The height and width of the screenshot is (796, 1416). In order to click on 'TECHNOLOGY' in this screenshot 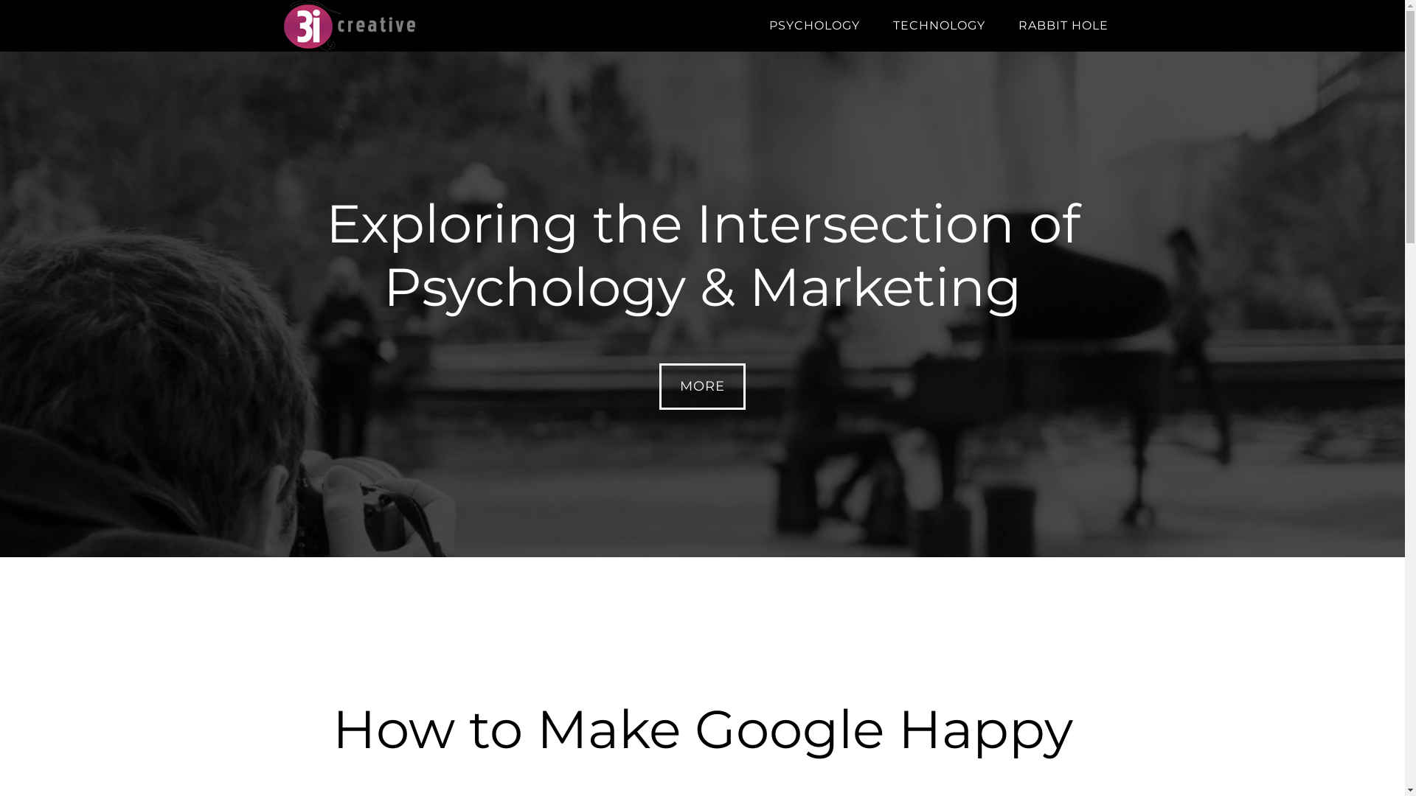, I will do `click(937, 25)`.